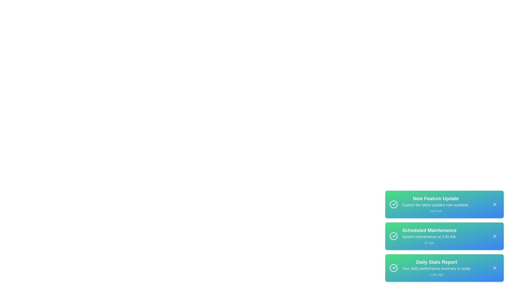 The width and height of the screenshot is (508, 286). I want to click on the notification with title Daily Stats Report, so click(444, 268).